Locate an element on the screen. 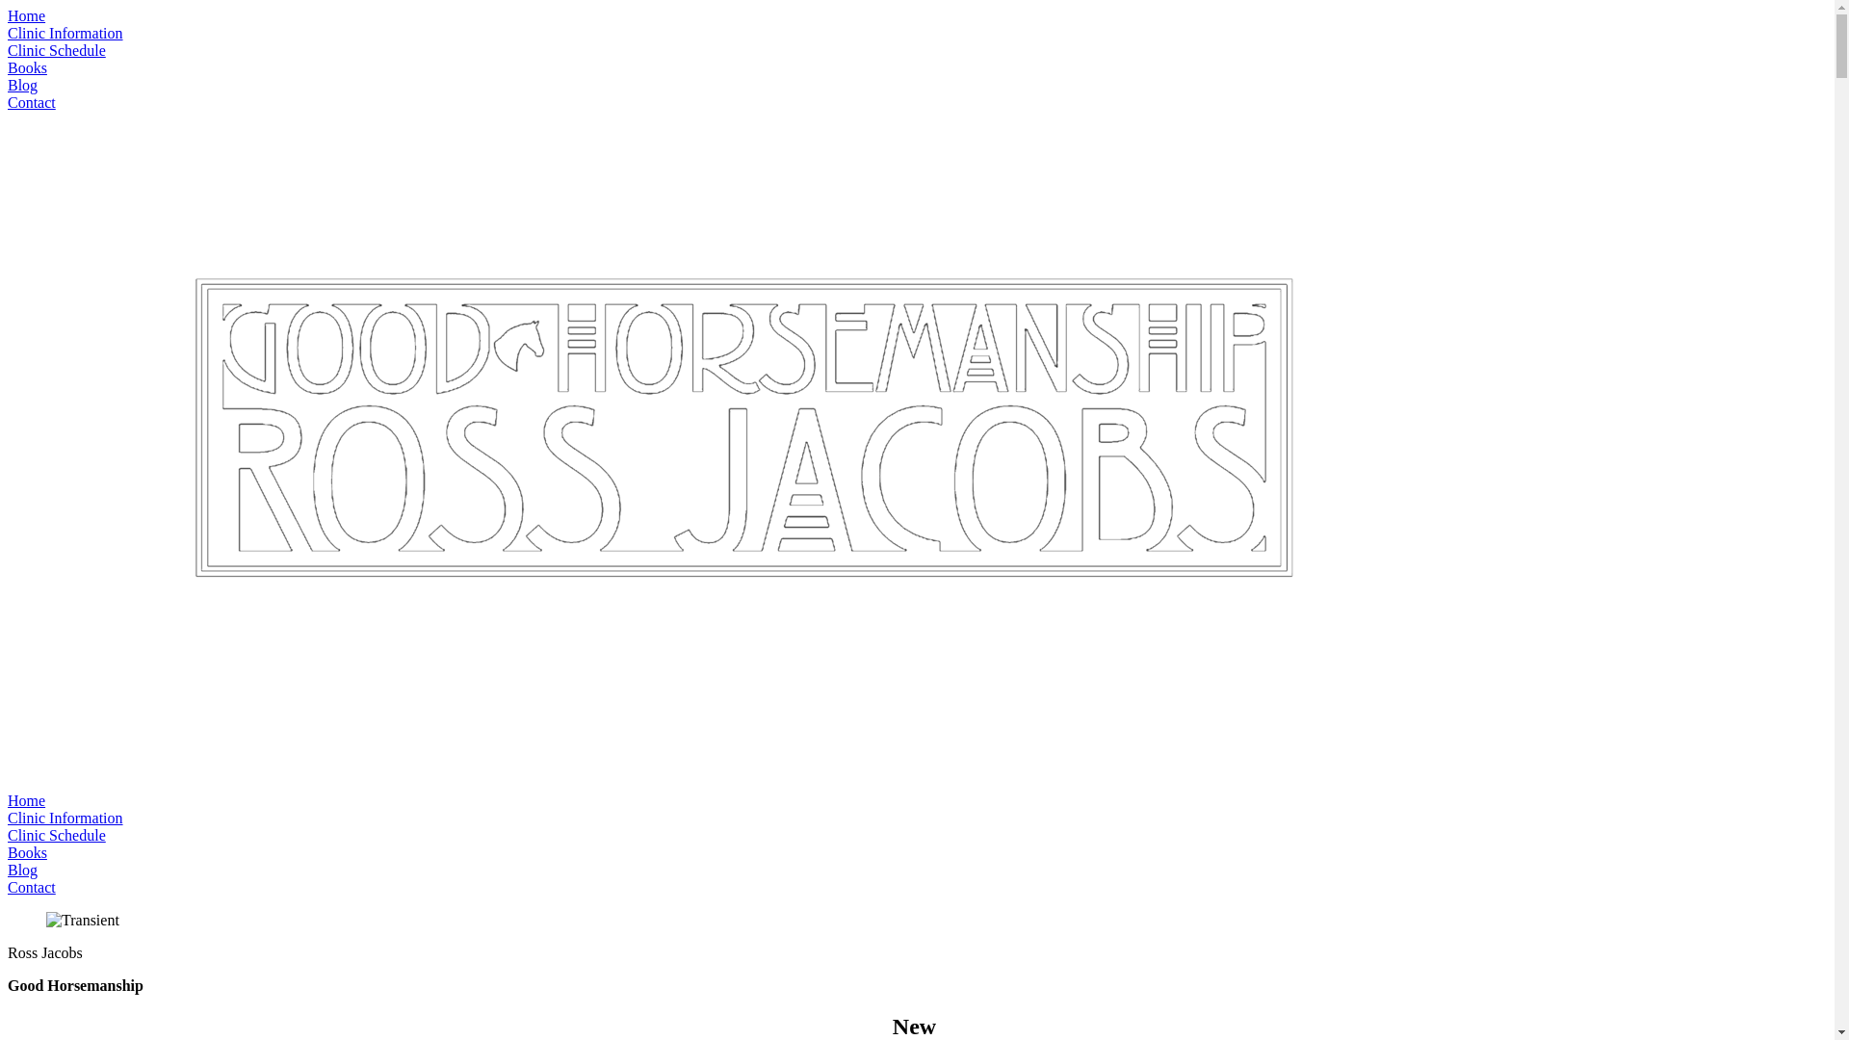  'Home' is located at coordinates (26, 15).